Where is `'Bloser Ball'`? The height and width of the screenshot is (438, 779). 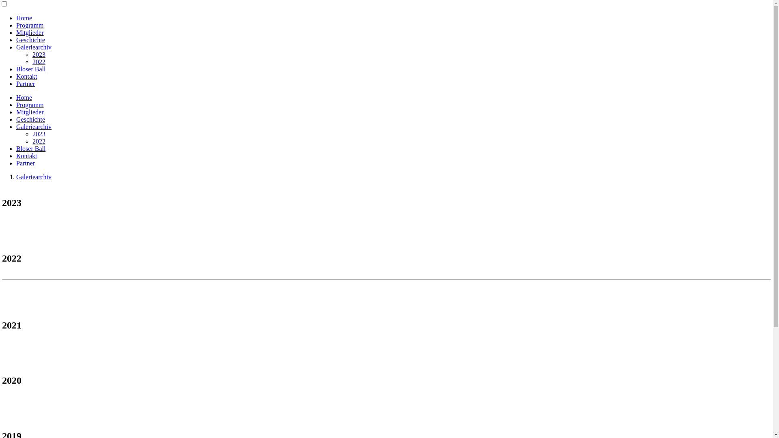 'Bloser Ball' is located at coordinates (31, 69).